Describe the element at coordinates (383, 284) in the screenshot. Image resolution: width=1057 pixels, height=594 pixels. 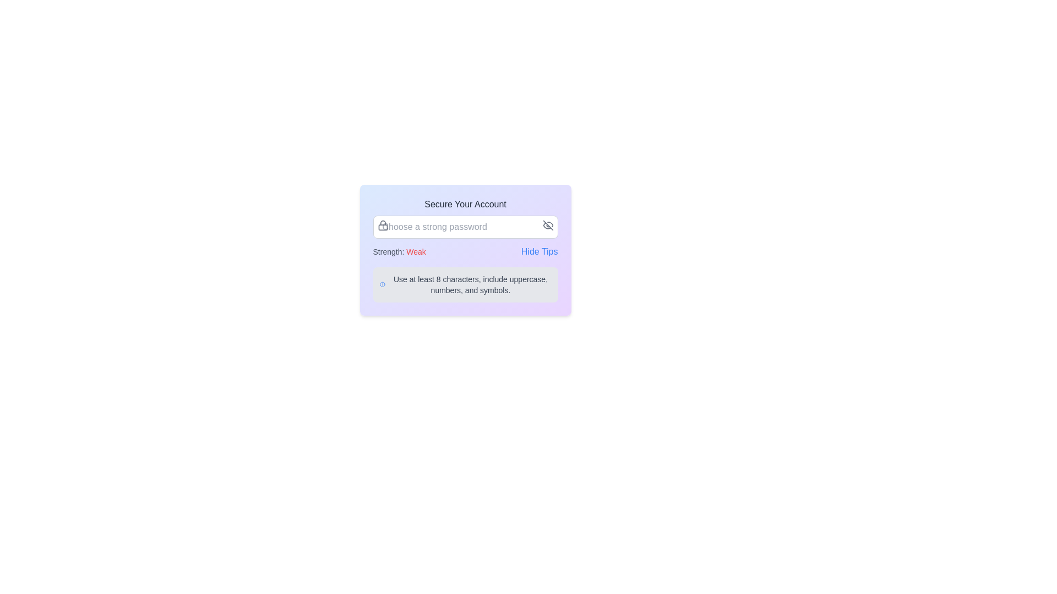
I see `the informational icon located to the left of the guideline text 'Use at least 8 characters, include uppercase, numbers, and symbols'` at that location.